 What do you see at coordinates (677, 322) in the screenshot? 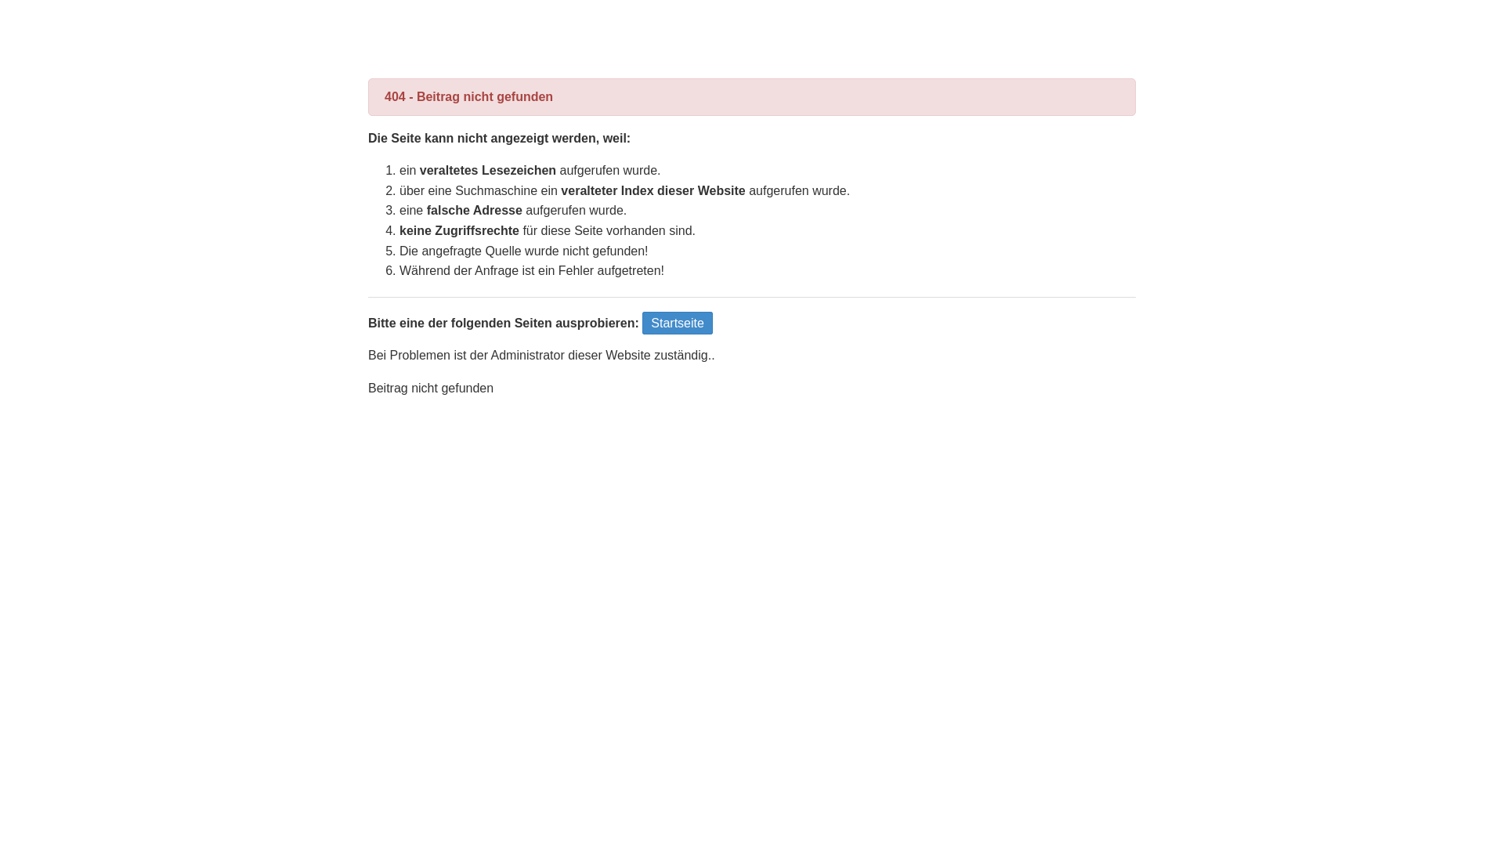
I see `'Startseite'` at bounding box center [677, 322].